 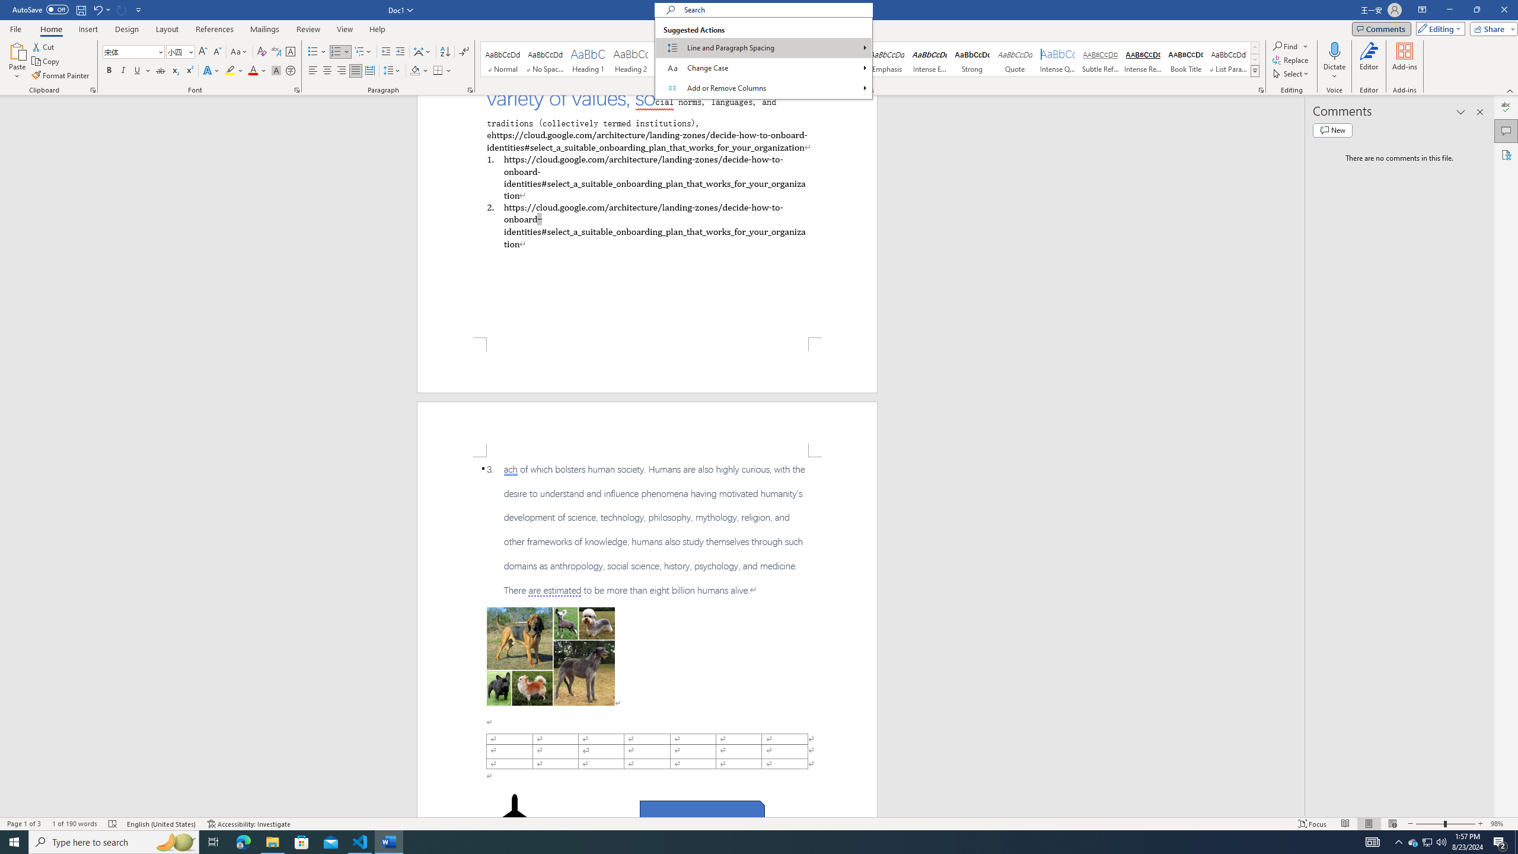 I want to click on 'Font Size', so click(x=180, y=52).